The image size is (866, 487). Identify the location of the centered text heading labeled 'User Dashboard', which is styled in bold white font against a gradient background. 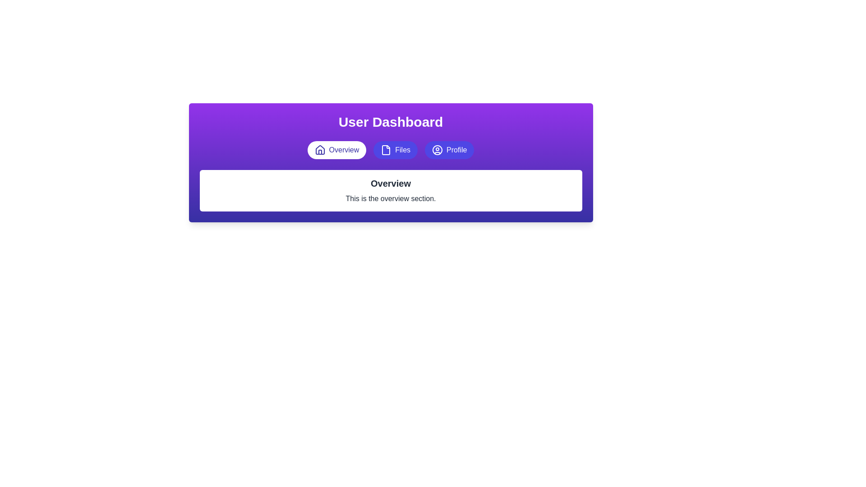
(391, 122).